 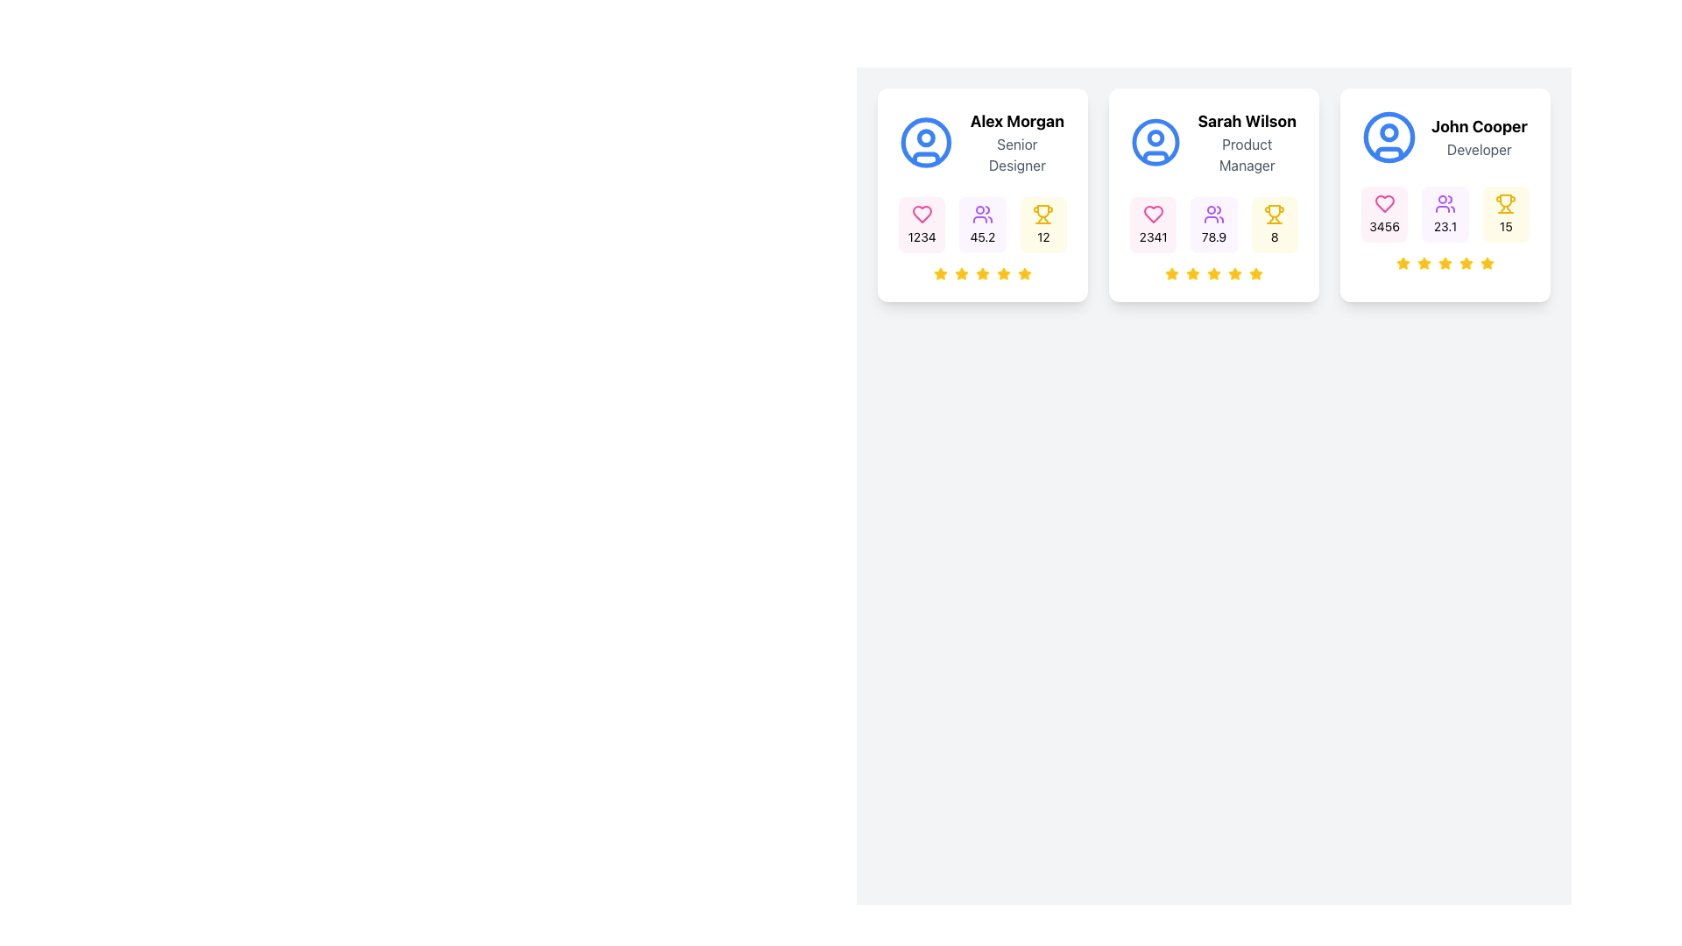 I want to click on the fifth star icon in the star rating system for Sarah Wilson, so click(x=1234, y=273).